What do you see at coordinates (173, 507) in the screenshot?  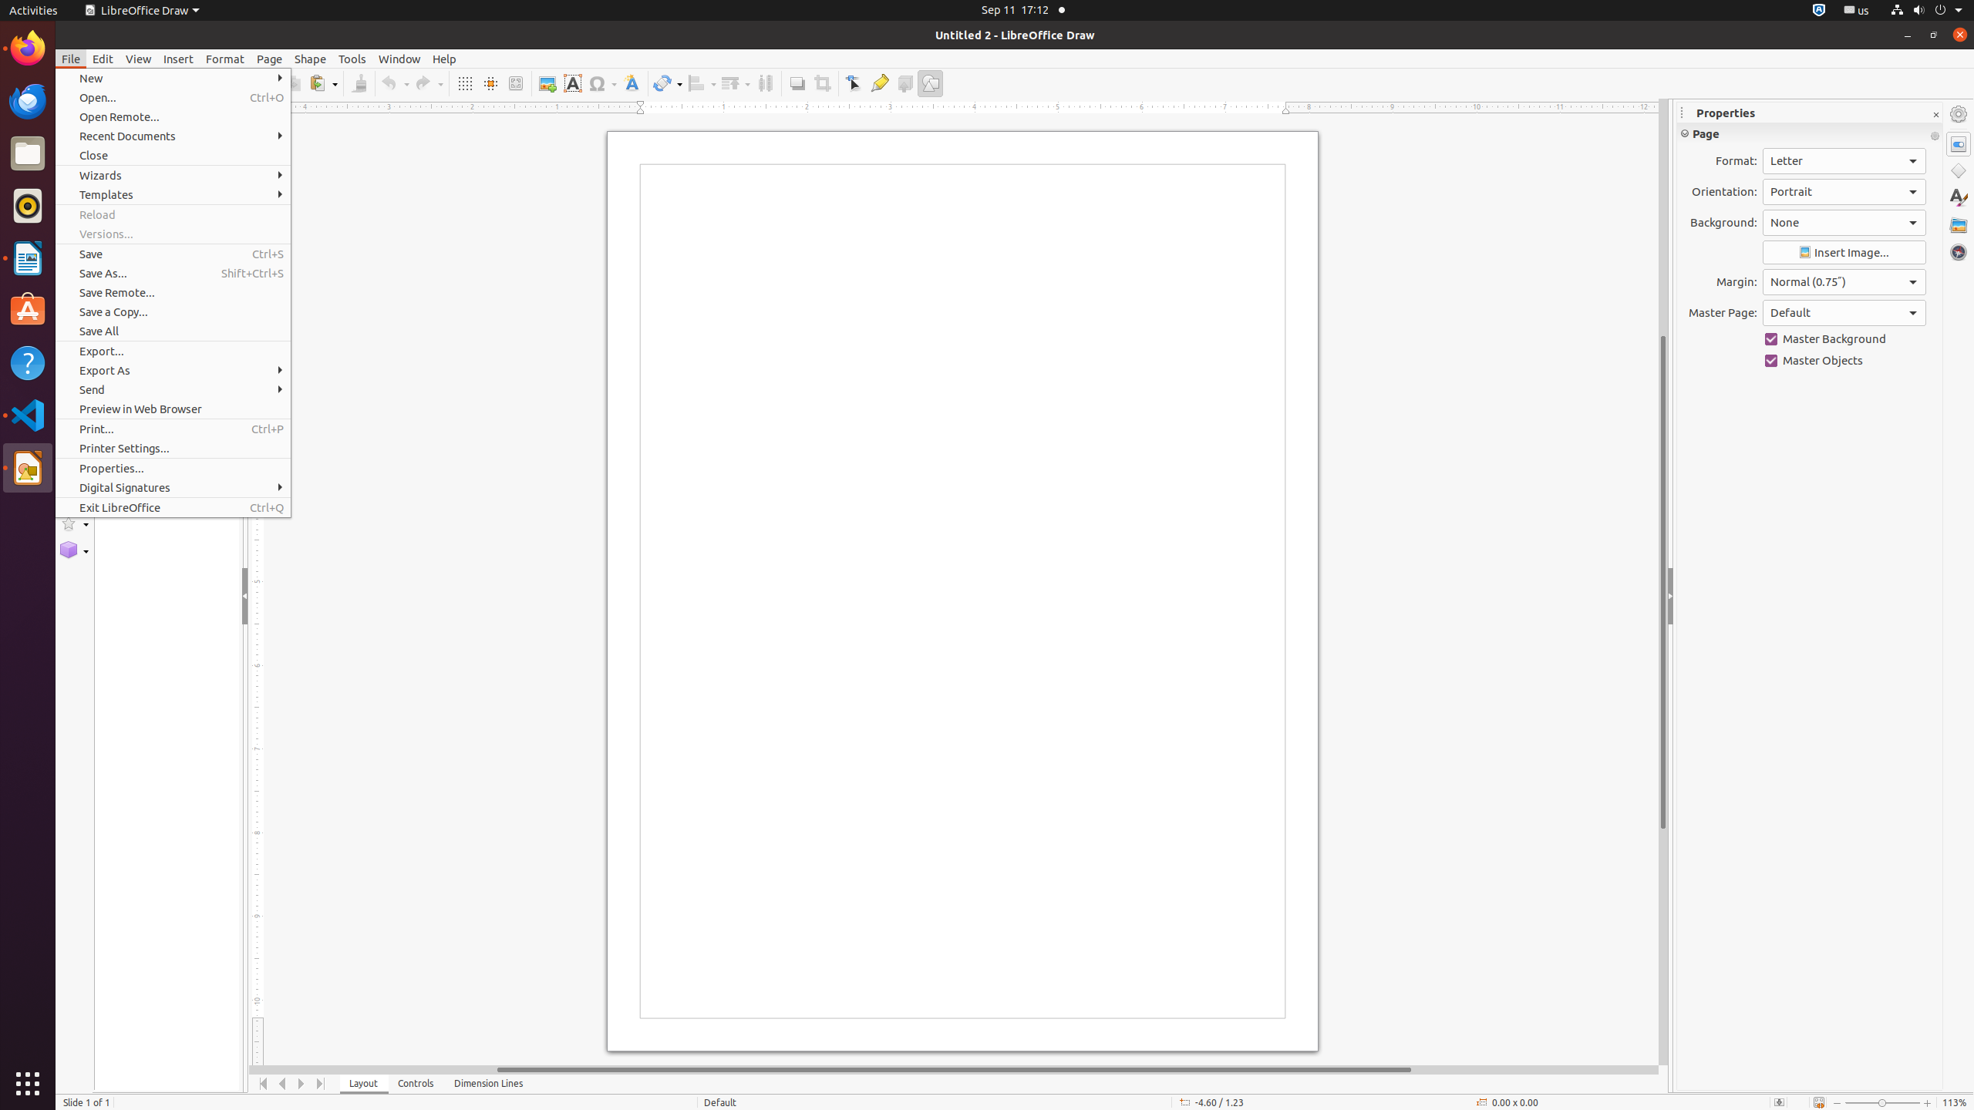 I see `'Exit LibreOffice'` at bounding box center [173, 507].